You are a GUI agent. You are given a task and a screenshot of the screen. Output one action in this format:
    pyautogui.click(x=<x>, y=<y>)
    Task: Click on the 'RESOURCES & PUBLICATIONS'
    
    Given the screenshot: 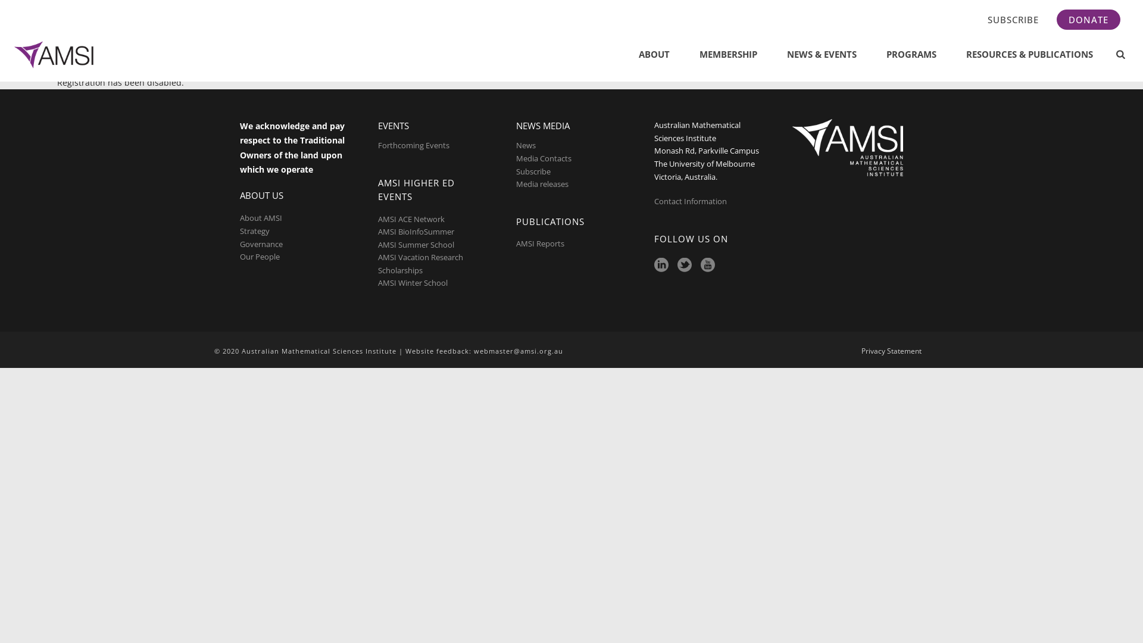 What is the action you would take?
    pyautogui.click(x=1029, y=55)
    